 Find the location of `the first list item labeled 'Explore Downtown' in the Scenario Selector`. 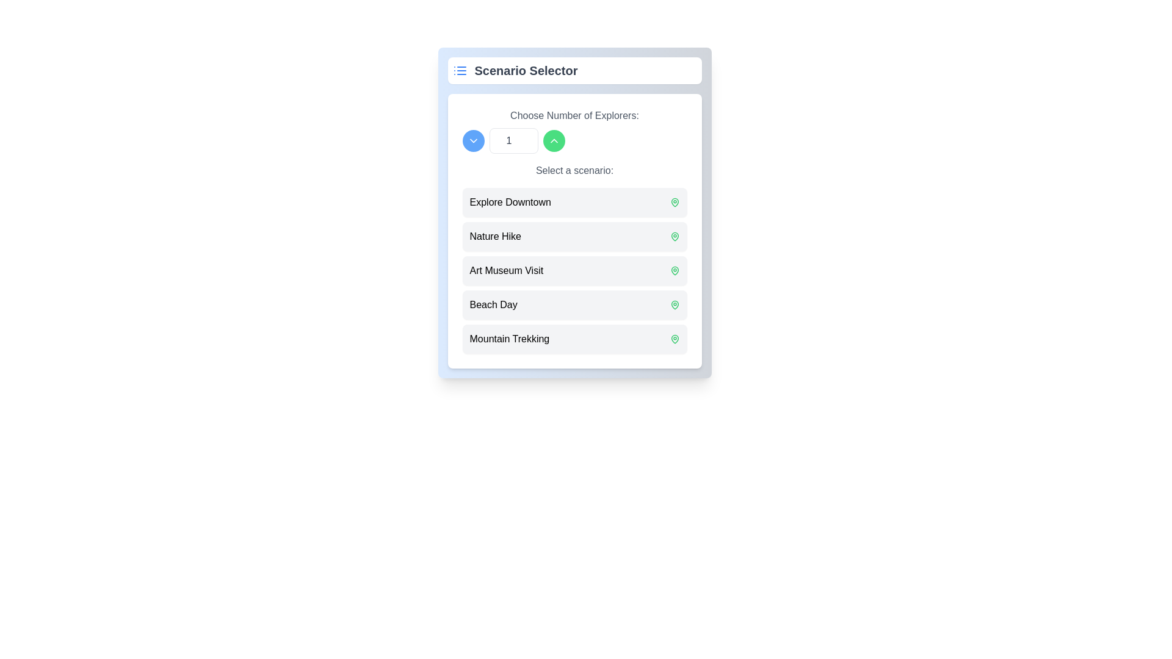

the first list item labeled 'Explore Downtown' in the Scenario Selector is located at coordinates (574, 201).